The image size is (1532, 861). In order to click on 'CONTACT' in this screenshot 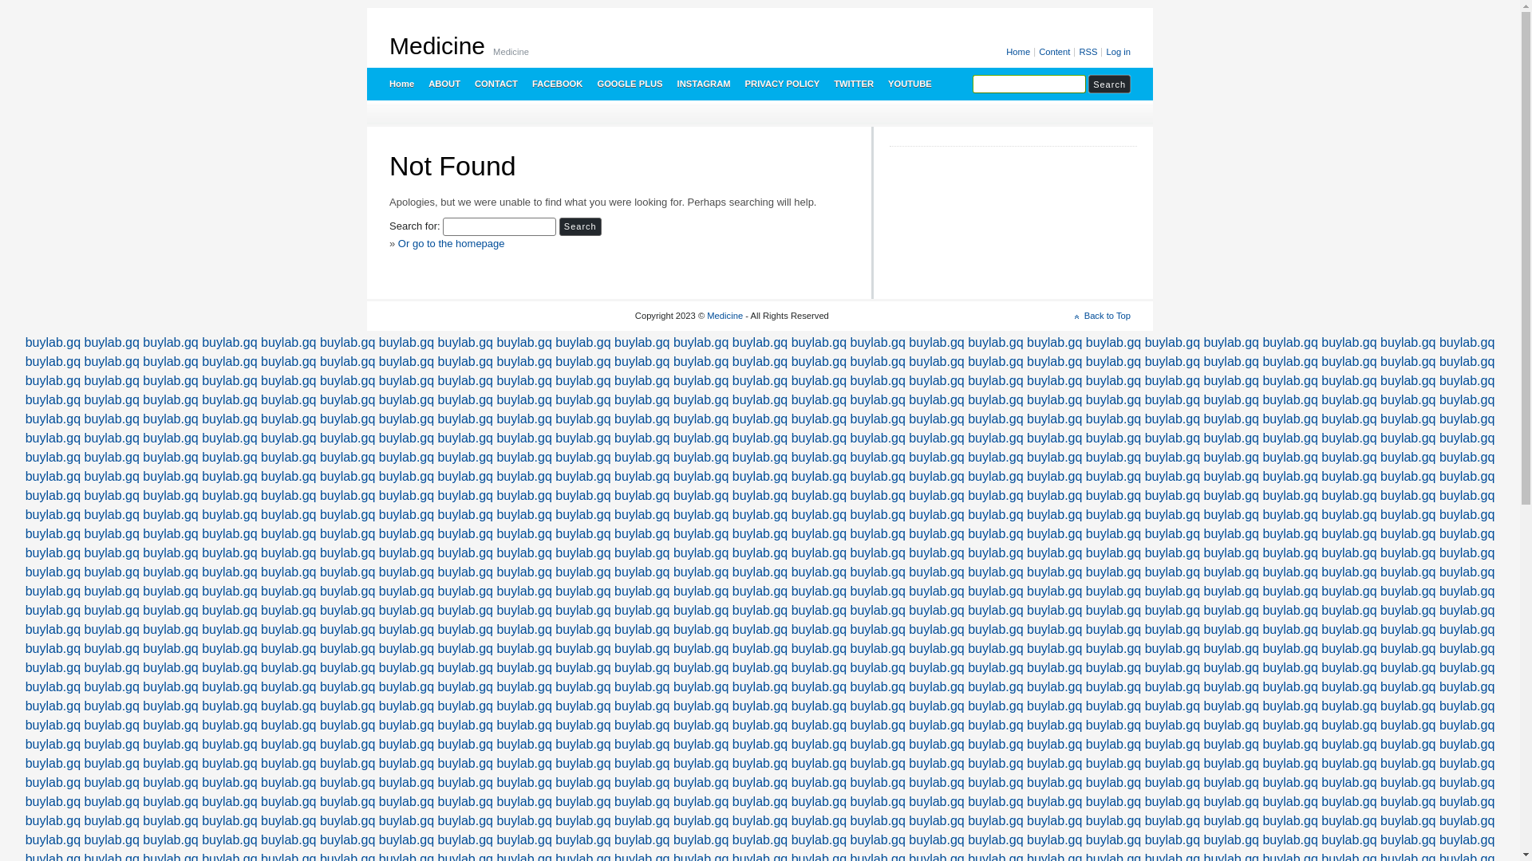, I will do `click(494, 83)`.